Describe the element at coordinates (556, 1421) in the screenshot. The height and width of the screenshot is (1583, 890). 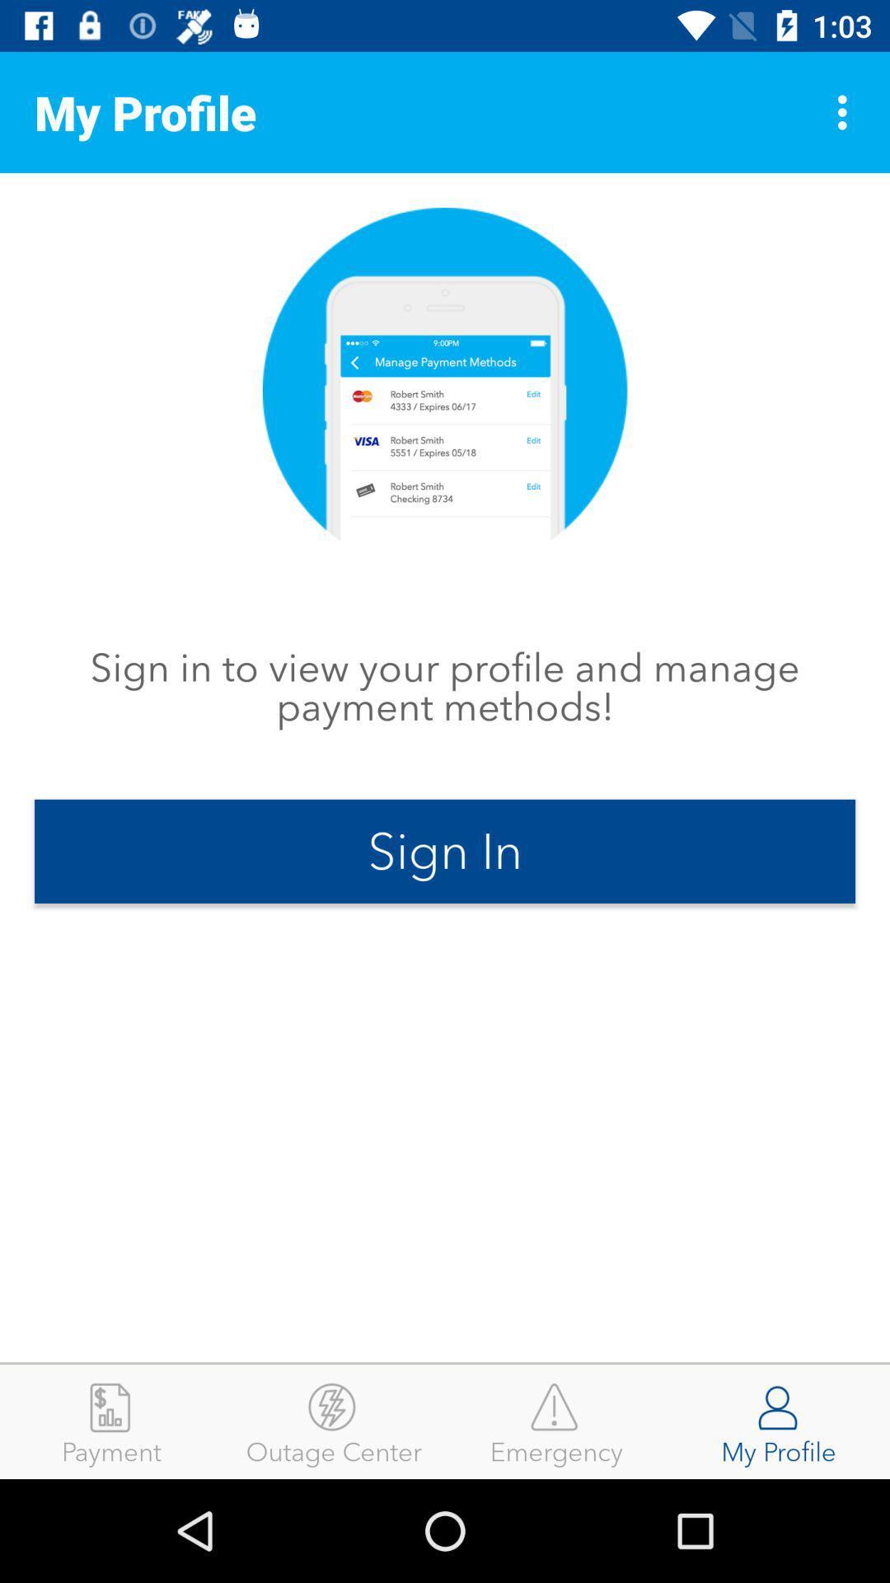
I see `the icon to the right of the outage center` at that location.